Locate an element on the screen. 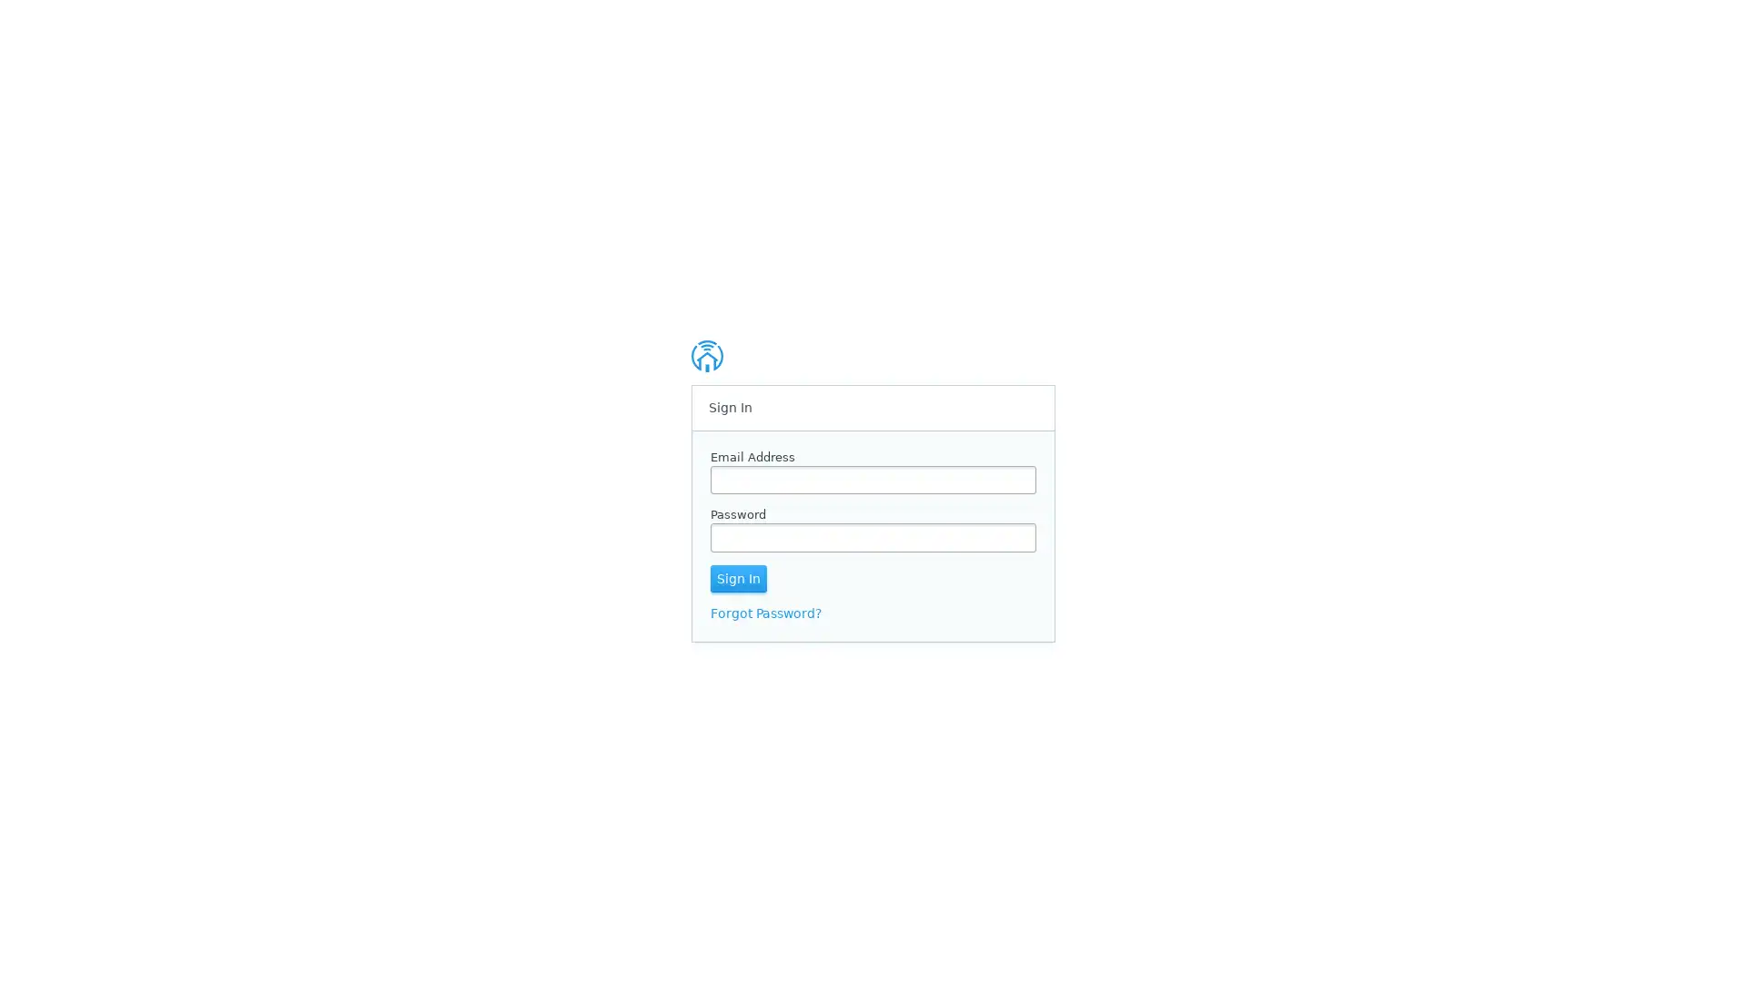 This screenshot has height=983, width=1747. Sign In is located at coordinates (738, 579).